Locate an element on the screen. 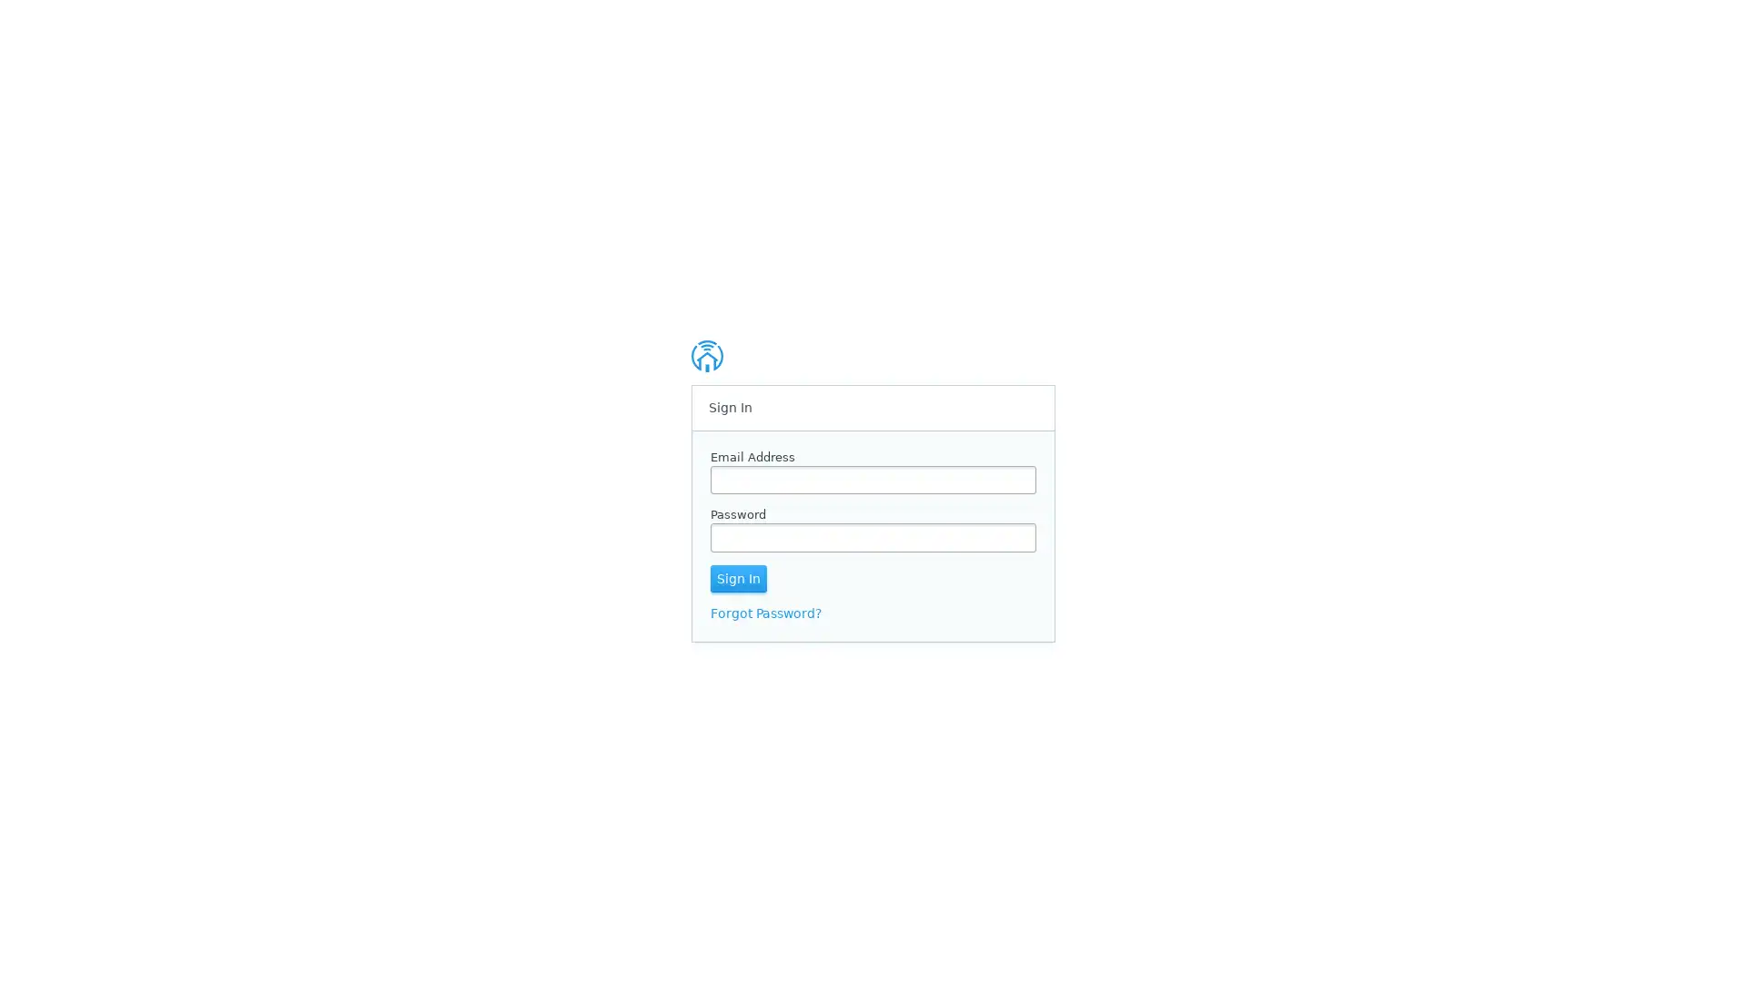 This screenshot has height=983, width=1747. Sign In is located at coordinates (738, 579).